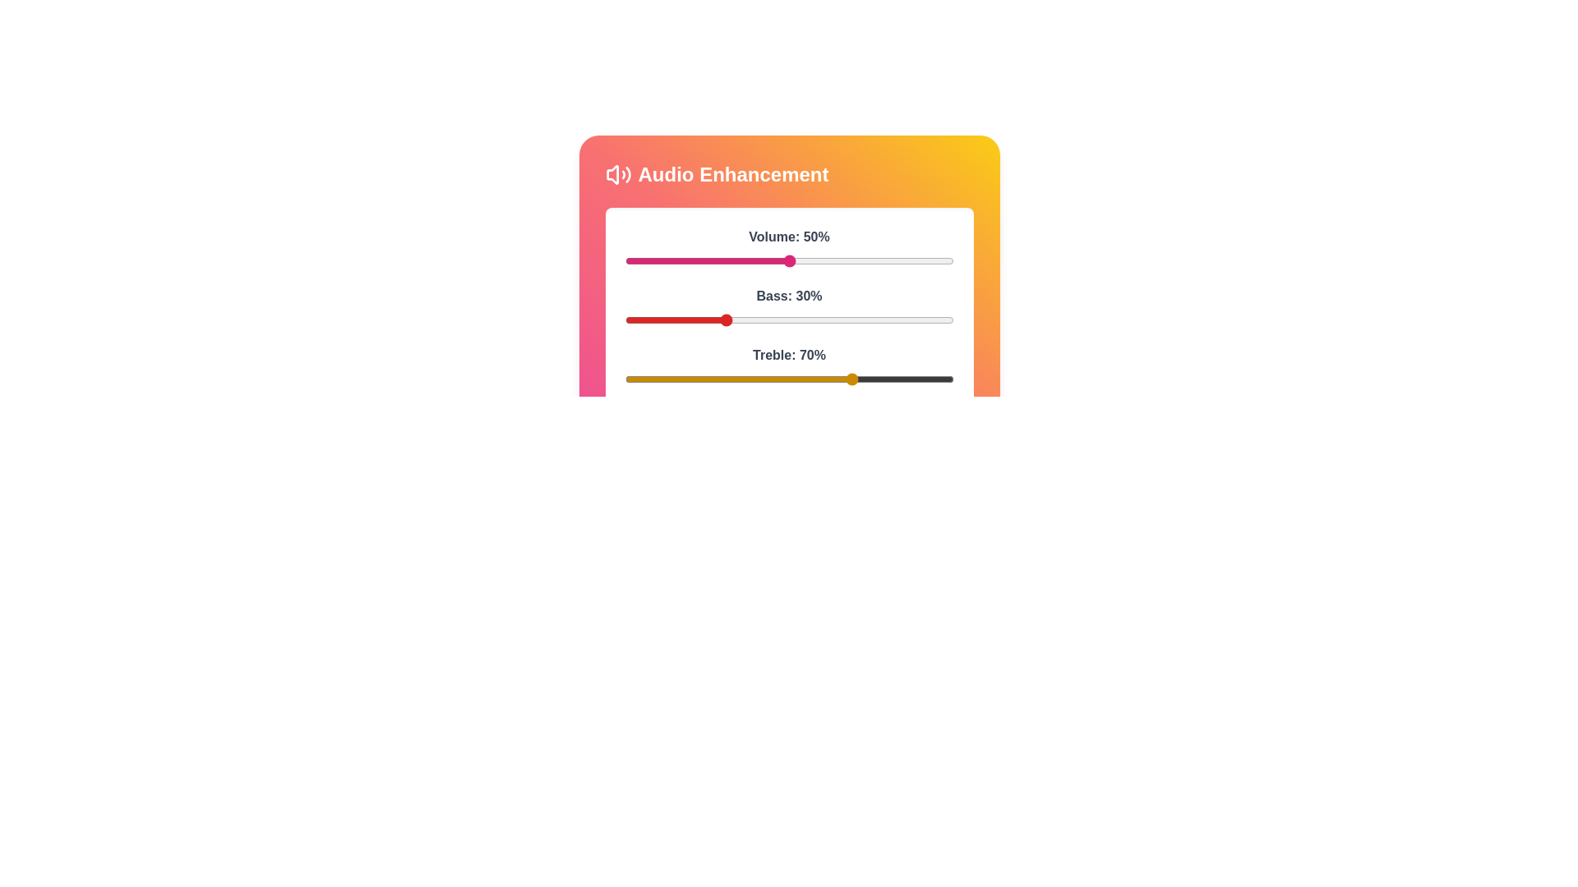 The image size is (1578, 887). I want to click on the volume, so click(796, 260).